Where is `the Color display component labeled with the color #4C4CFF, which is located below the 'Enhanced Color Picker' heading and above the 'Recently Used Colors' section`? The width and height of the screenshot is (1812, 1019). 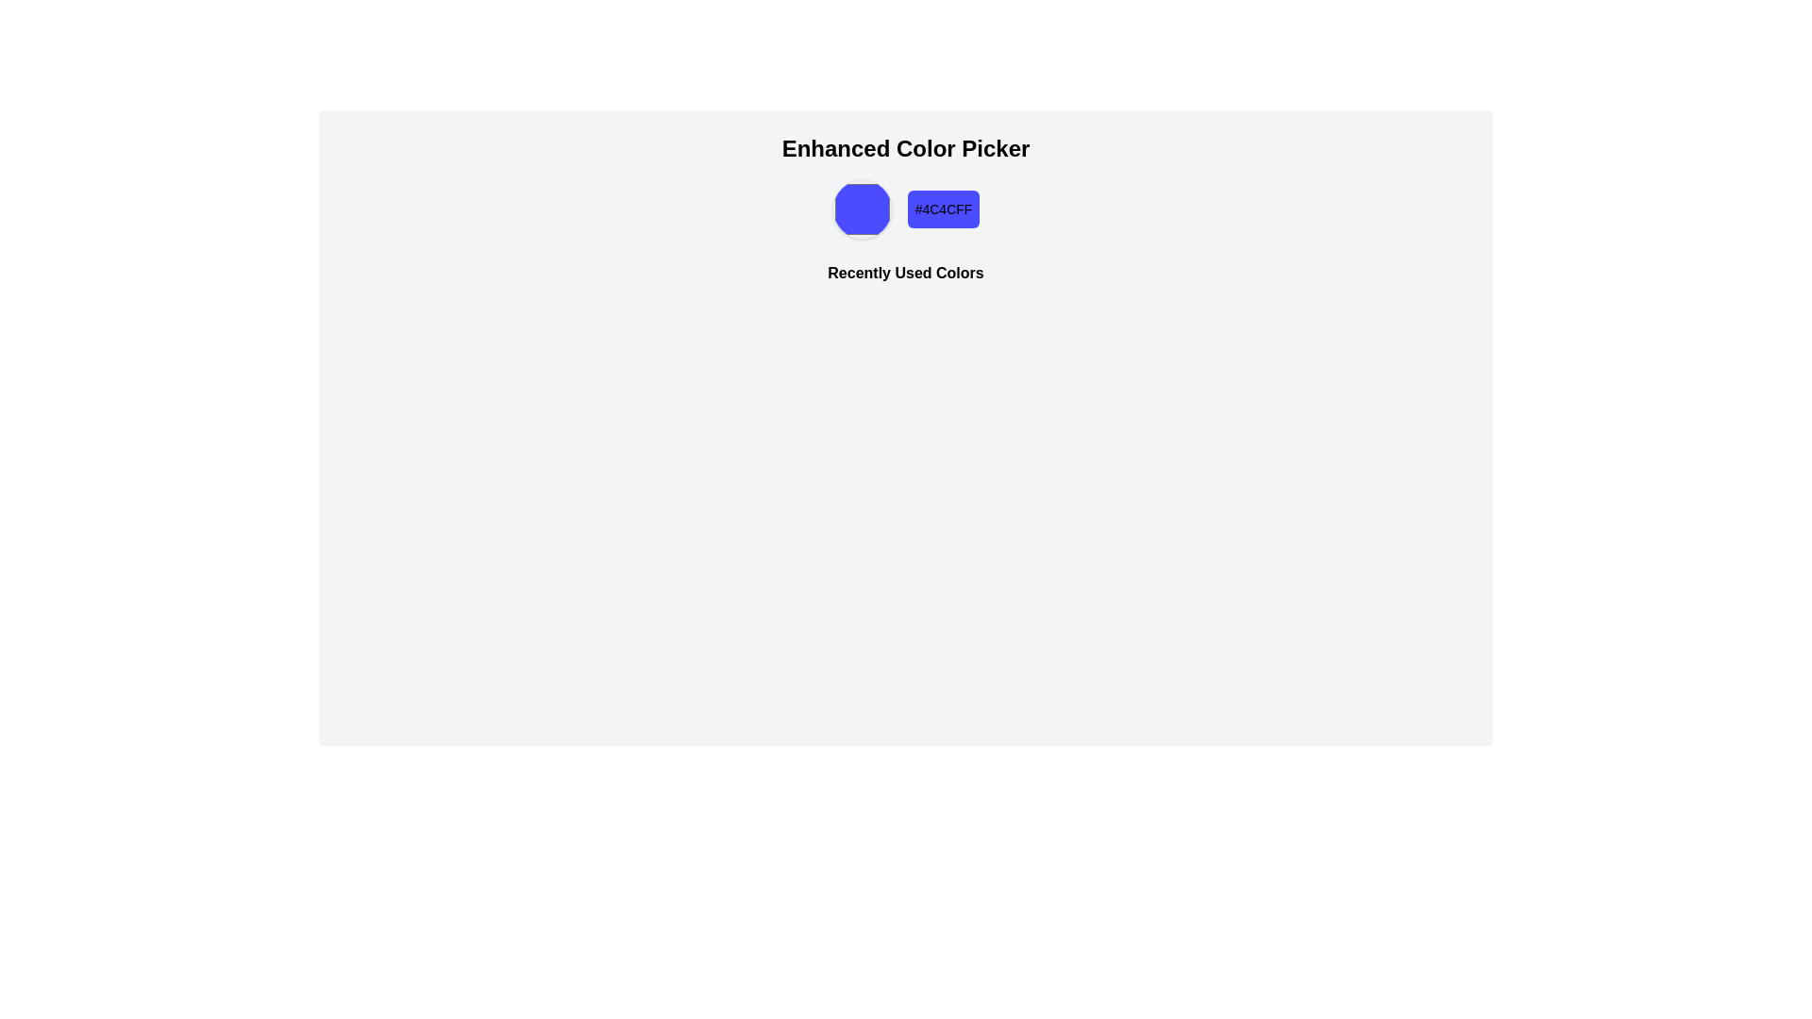
the Color display component labeled with the color #4C4CFF, which is located below the 'Enhanced Color Picker' heading and above the 'Recently Used Colors' section is located at coordinates (906, 209).